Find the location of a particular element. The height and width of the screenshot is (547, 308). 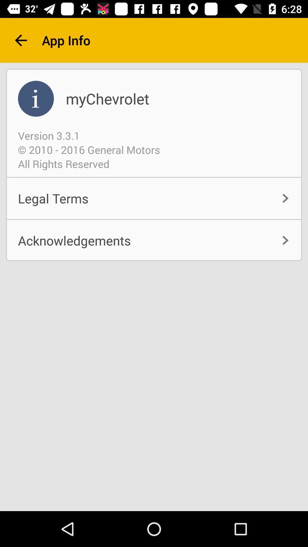

the icon below legal terms icon is located at coordinates (154, 240).